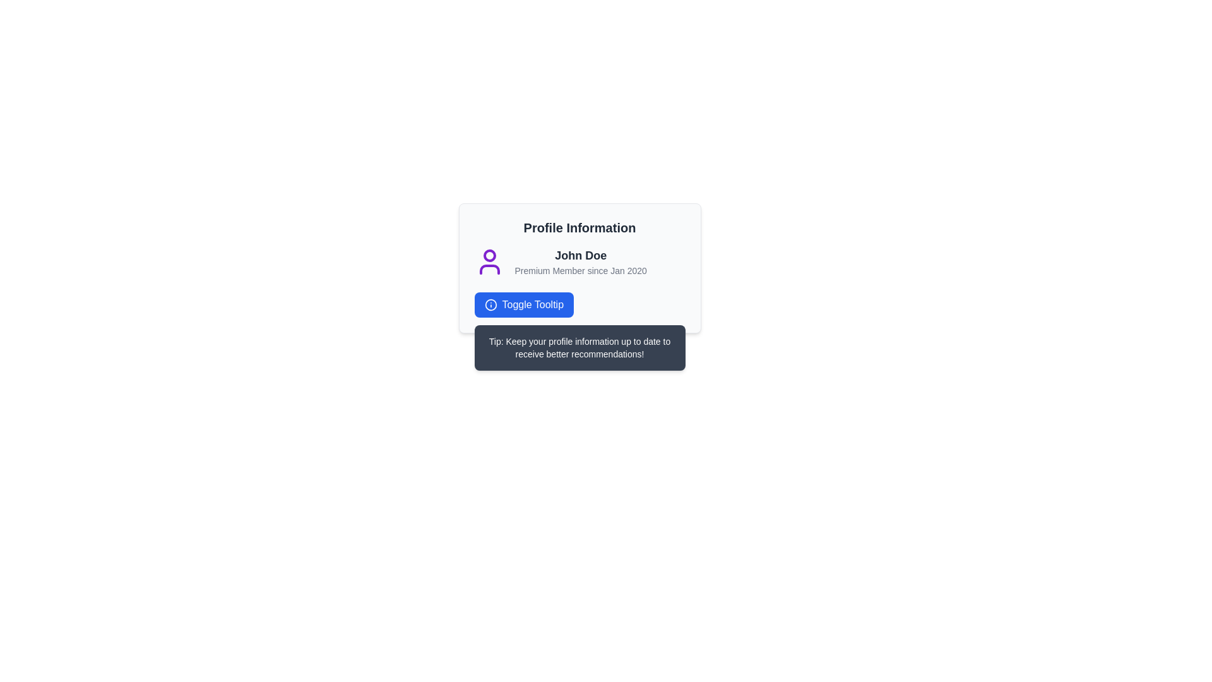 This screenshot has height=682, width=1212. Describe the element at coordinates (579, 228) in the screenshot. I see `the Text Element (Heading) at the top-center of the card, which serves as a title indicating the context of the card below` at that location.